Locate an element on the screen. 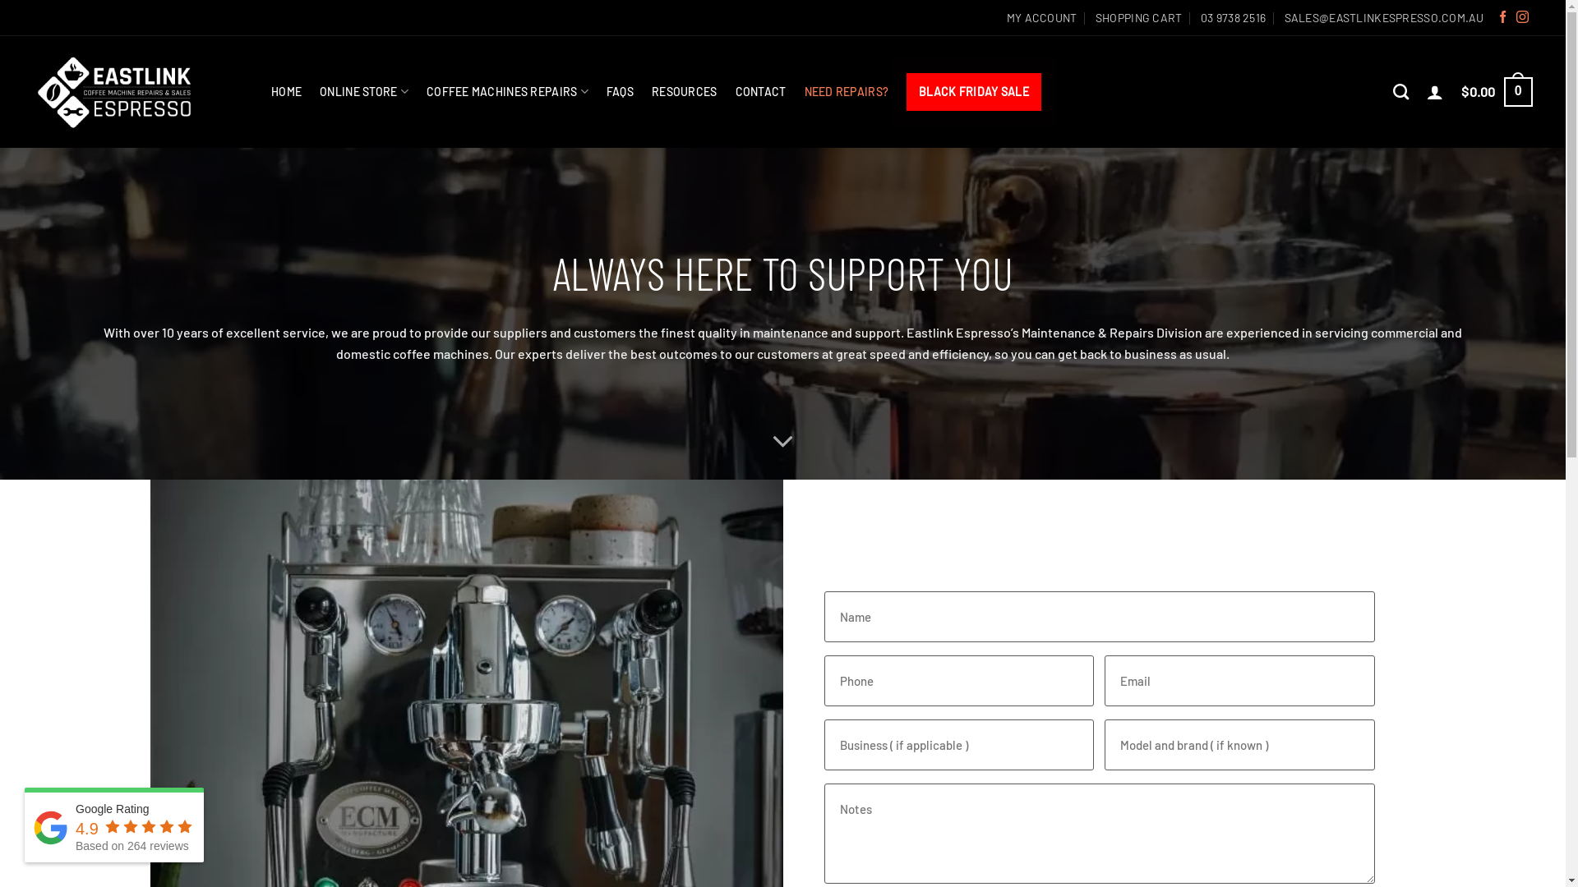 The height and width of the screenshot is (887, 1578). 'CONTACT' is located at coordinates (734, 91).